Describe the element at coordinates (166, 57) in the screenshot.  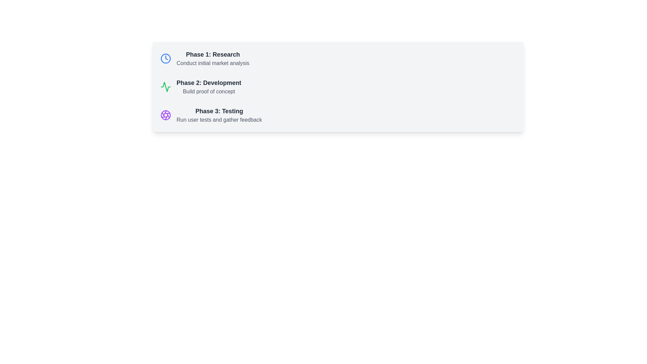
I see `central clock hand of the SVG-based clock icon located to the left of the 'Phase 1: Research' text` at that location.